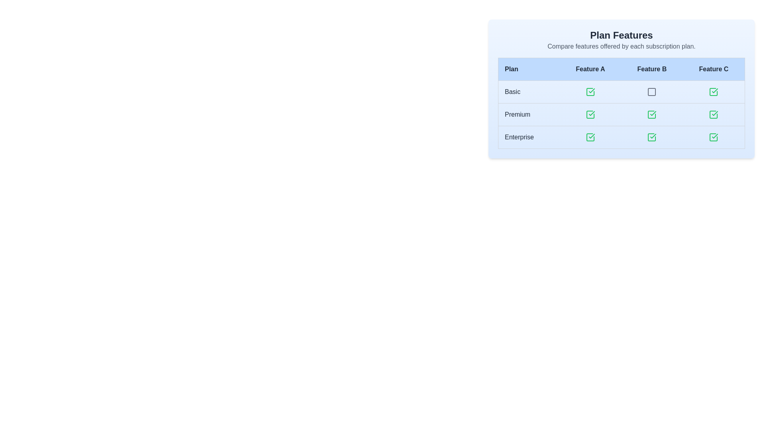 The image size is (765, 430). What do you see at coordinates (590, 115) in the screenshot?
I see `the 'Premium' plan icon which indicates 'Feature A' located in the second row, second column of the table` at bounding box center [590, 115].